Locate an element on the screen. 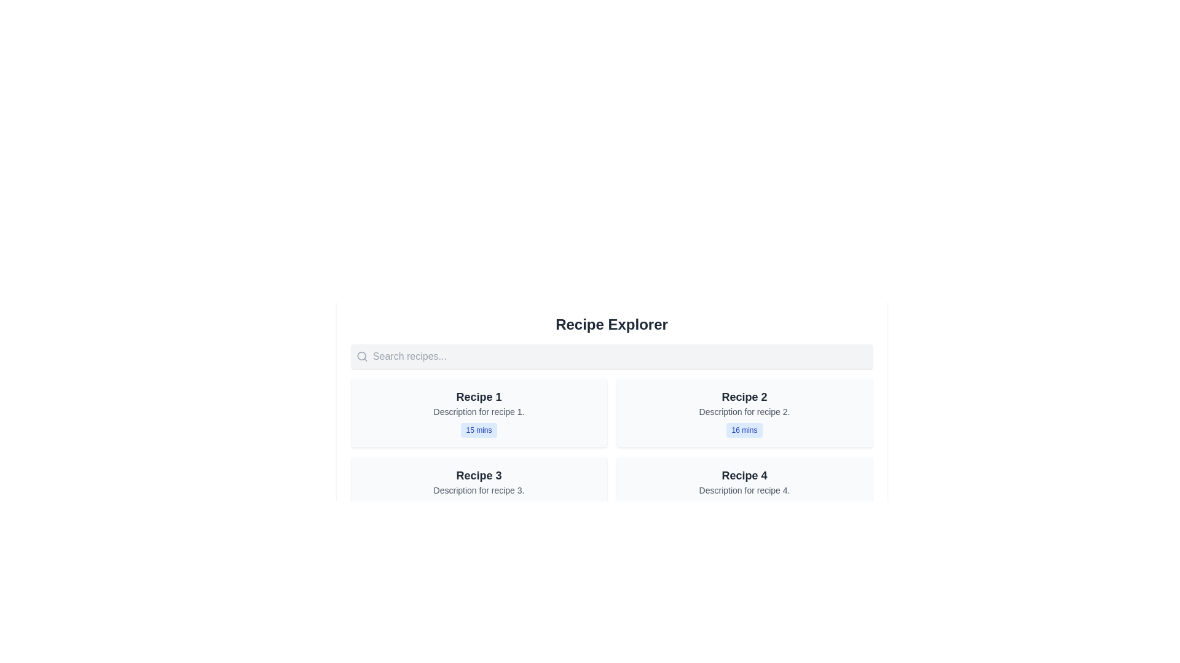  displayed text of the label showing the estimated preparation time for 'Recipe 2', located at the bottom right corner of the 'Recipe 2' card, below the description text is located at coordinates (744, 430).